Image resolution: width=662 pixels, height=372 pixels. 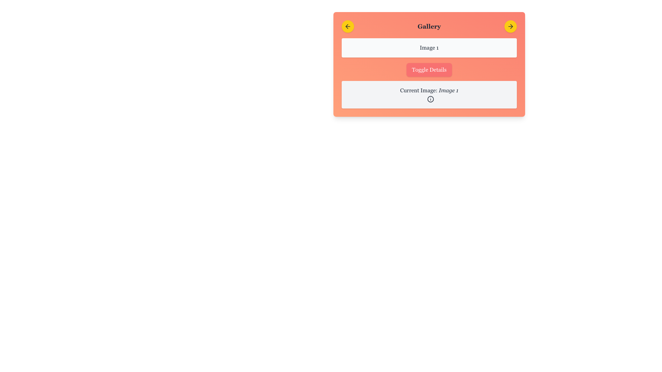 I want to click on the red rectangular button labeled 'Toggle Details', so click(x=429, y=70).